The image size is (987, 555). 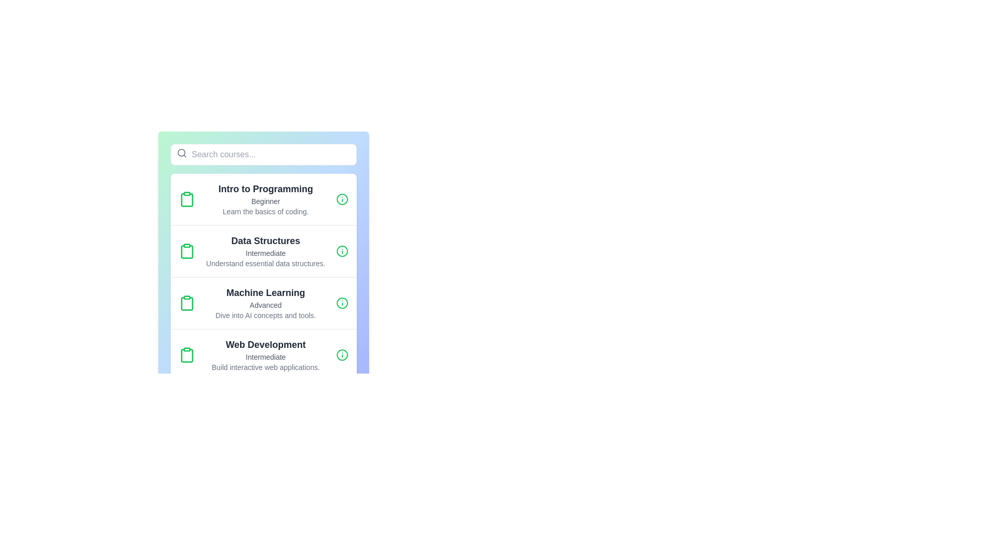 I want to click on the 'Data Structures' course title text label, which is positioned at the upper-middle part of the course panel and serves as the primary title indicating the topic of the panel, so click(x=266, y=241).